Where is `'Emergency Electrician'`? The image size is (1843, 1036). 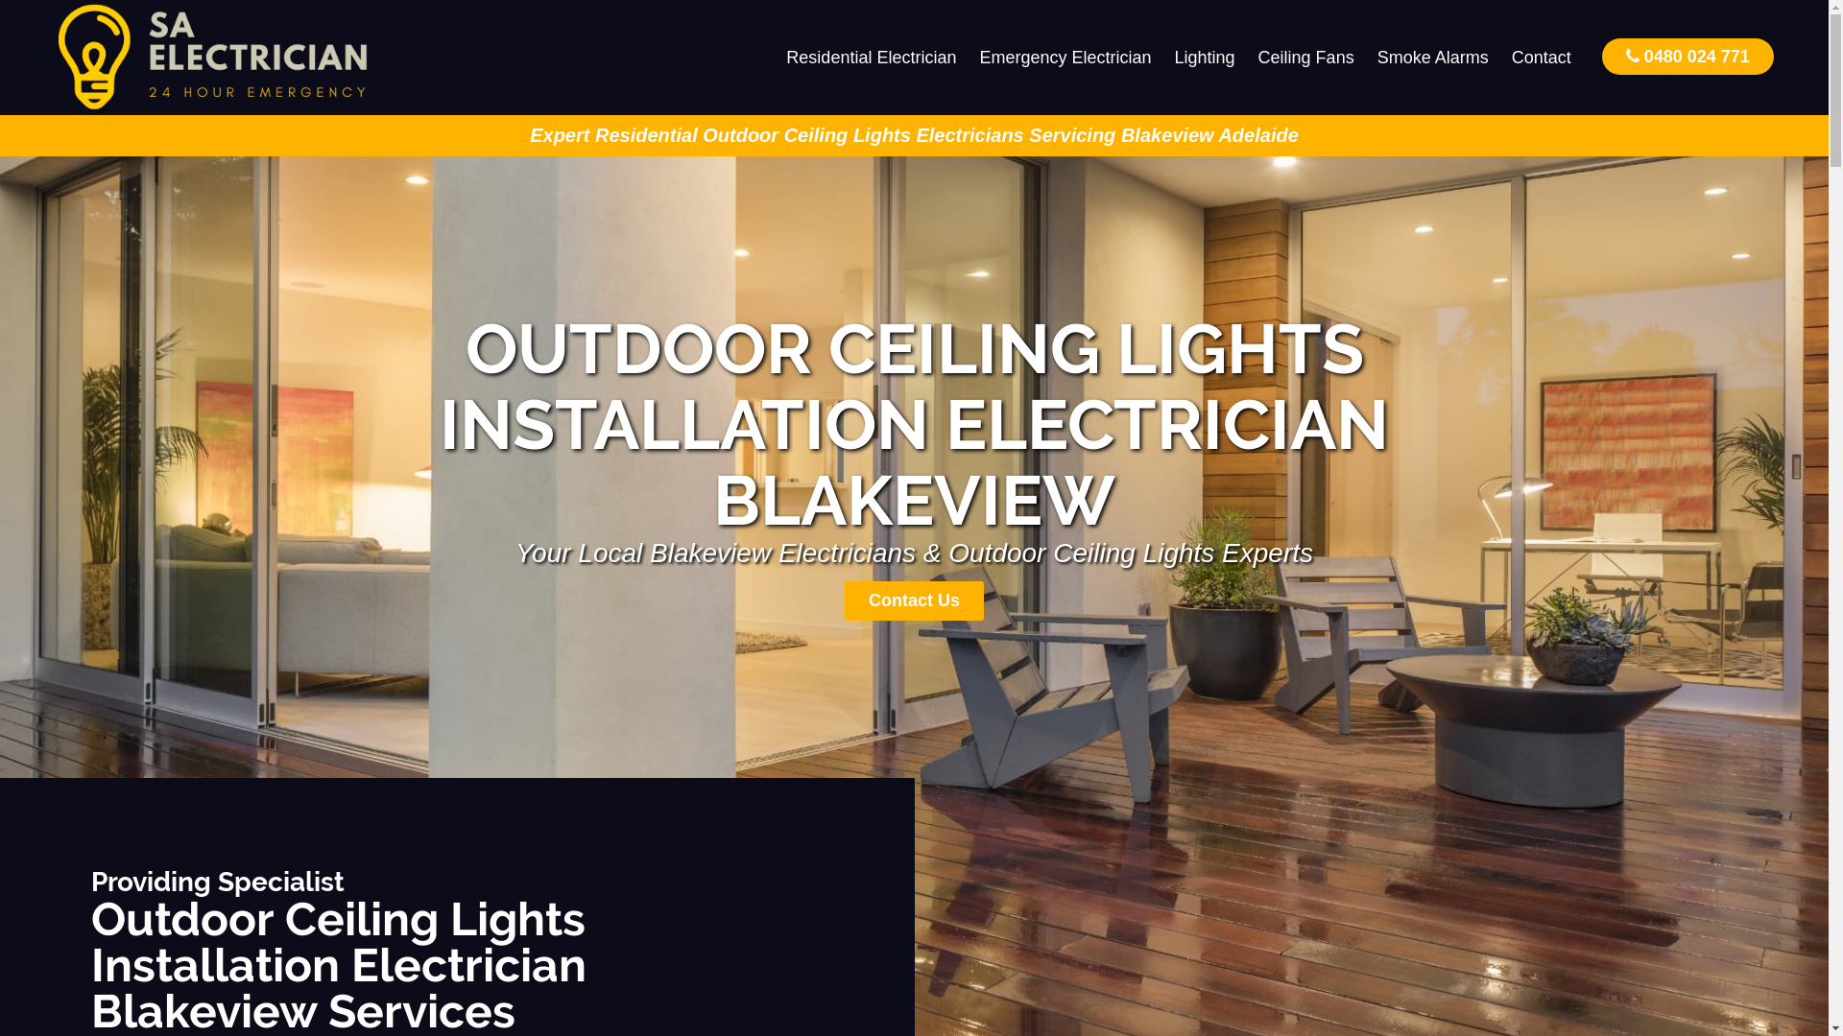
'Emergency Electrician' is located at coordinates (1064, 57).